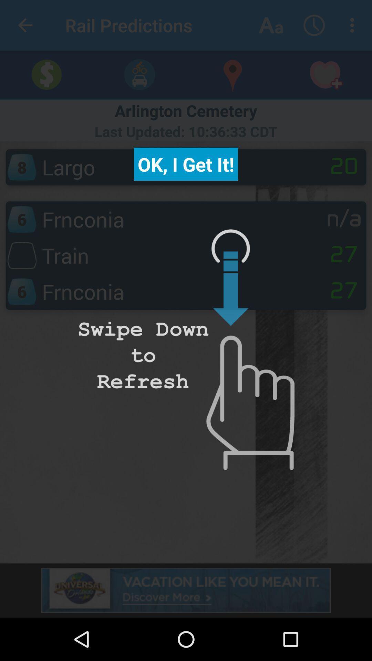  I want to click on the ok i get, so click(186, 164).